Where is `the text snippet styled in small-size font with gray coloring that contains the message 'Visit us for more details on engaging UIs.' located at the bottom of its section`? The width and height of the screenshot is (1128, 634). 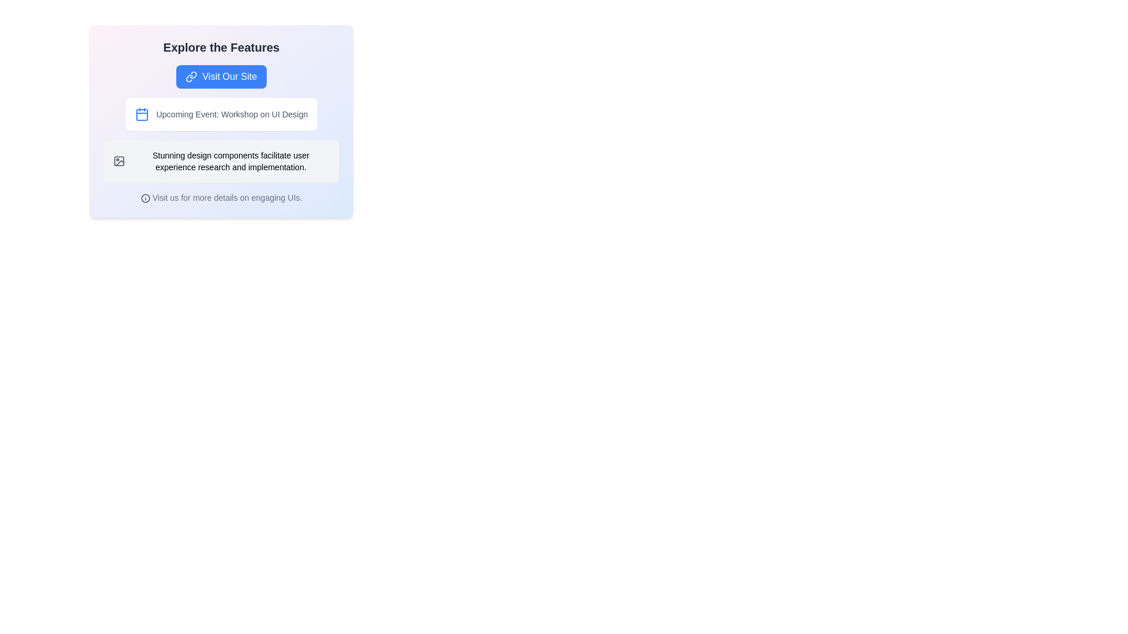
the text snippet styled in small-size font with gray coloring that contains the message 'Visit us for more details on engaging UIs.' located at the bottom of its section is located at coordinates (221, 197).